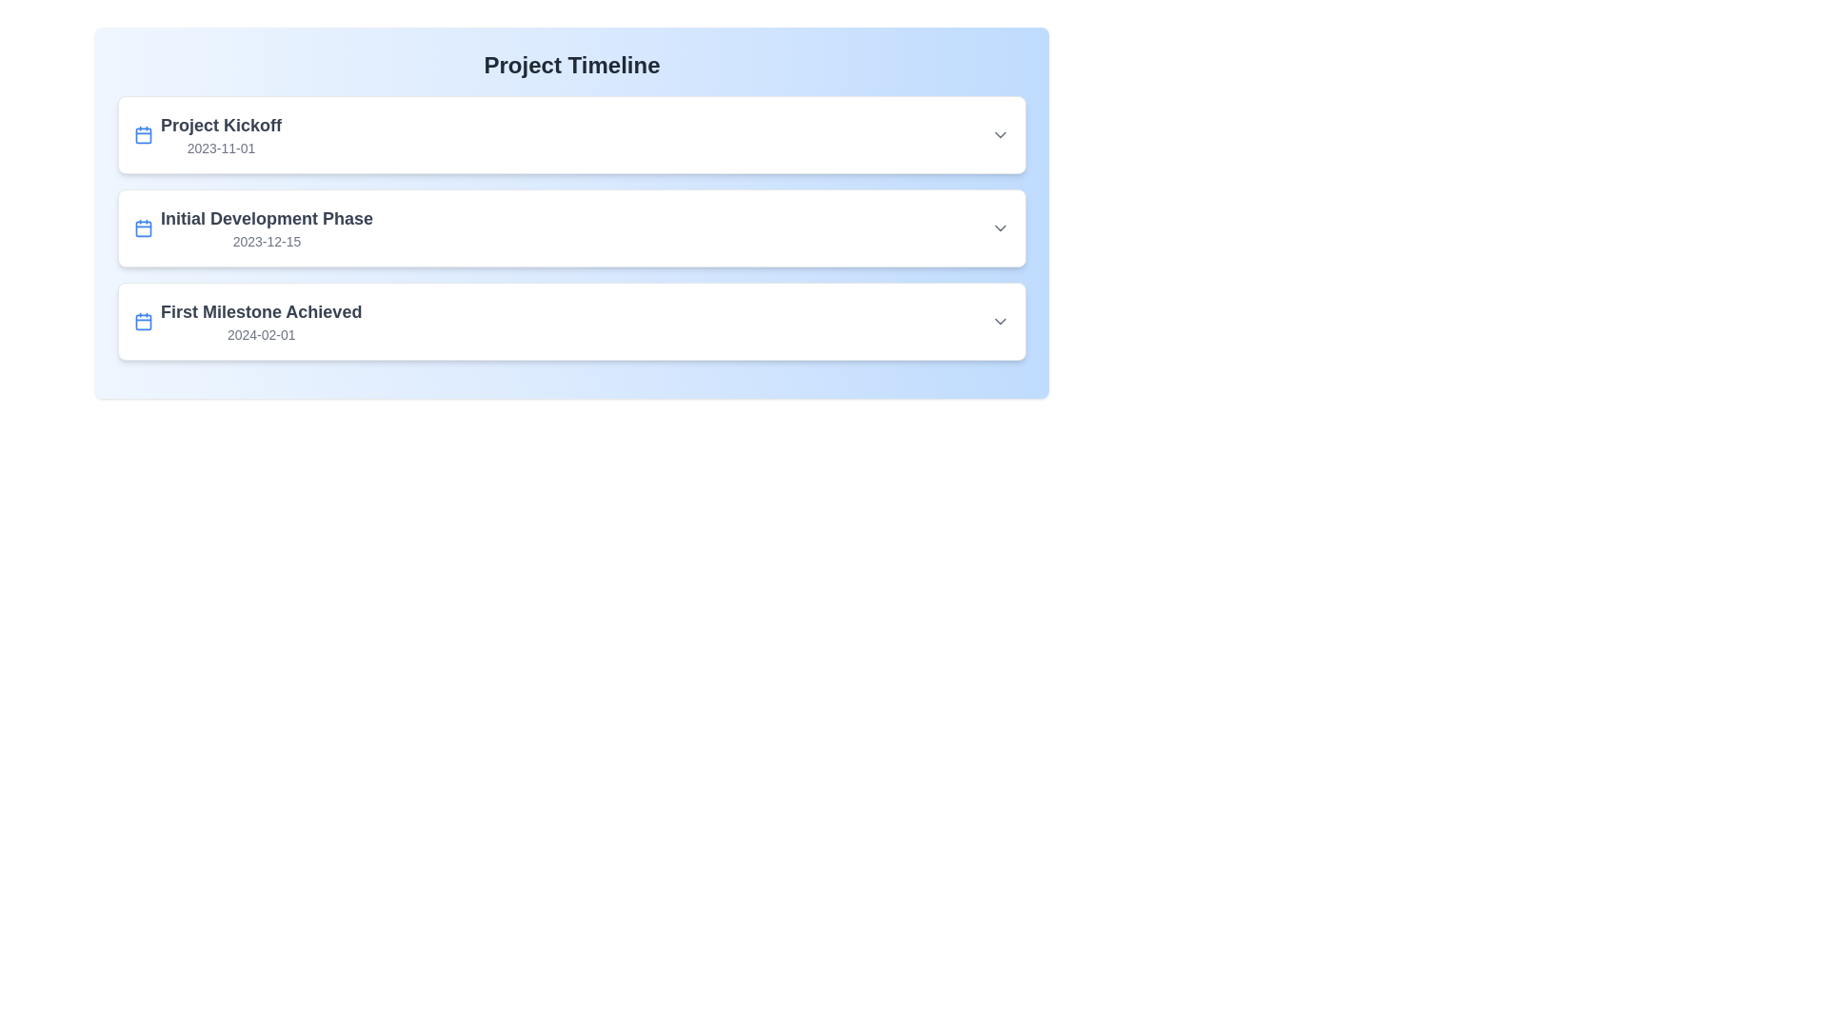 Image resolution: width=1828 pixels, height=1028 pixels. What do you see at coordinates (260, 321) in the screenshot?
I see `the Compound text display titled 'First Milestone Achieved' that shows the date '2024-02-01', located in the 'Project Timeline' section, as the third entry in the list of milestones` at bounding box center [260, 321].